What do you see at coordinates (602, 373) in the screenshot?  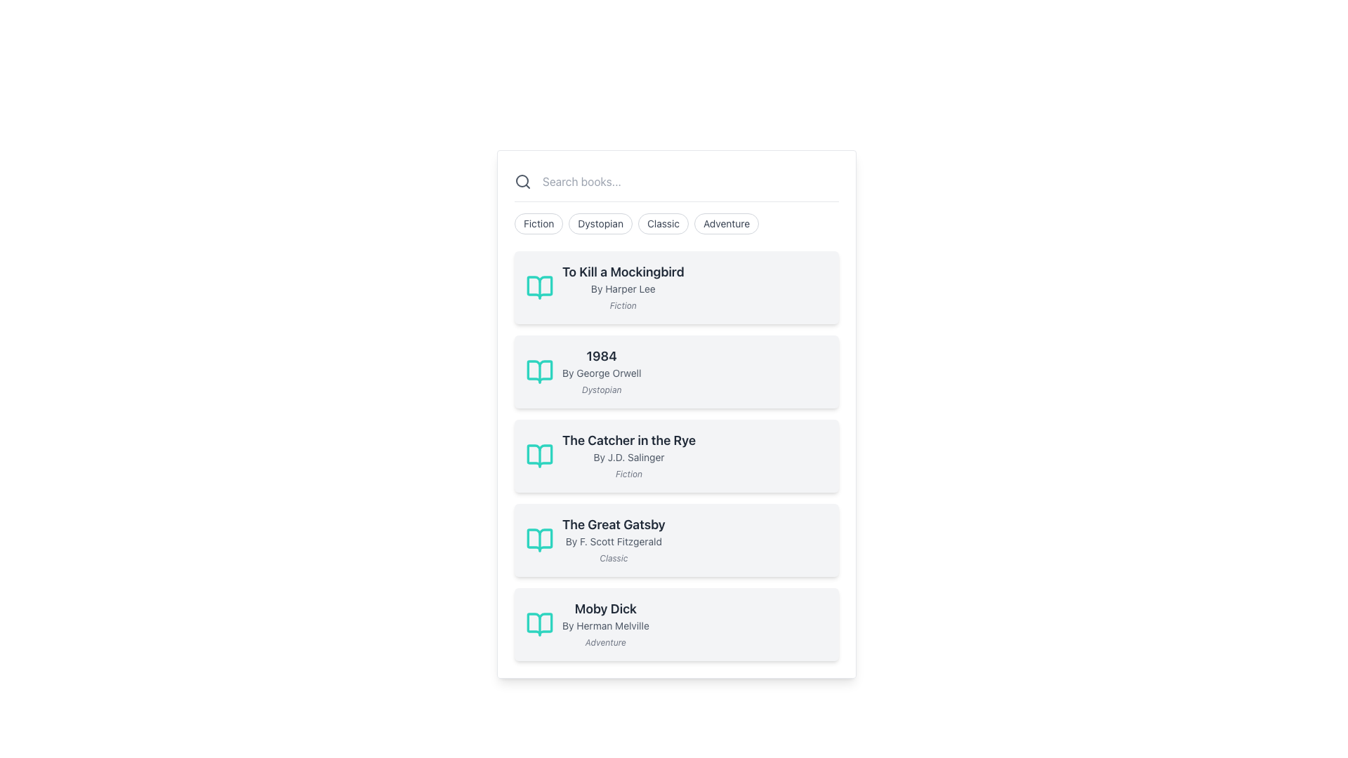 I see `the non-interactive label displaying the author of the book '1984', which is positioned below the title and above the italicized text 'Dystopian'` at bounding box center [602, 373].